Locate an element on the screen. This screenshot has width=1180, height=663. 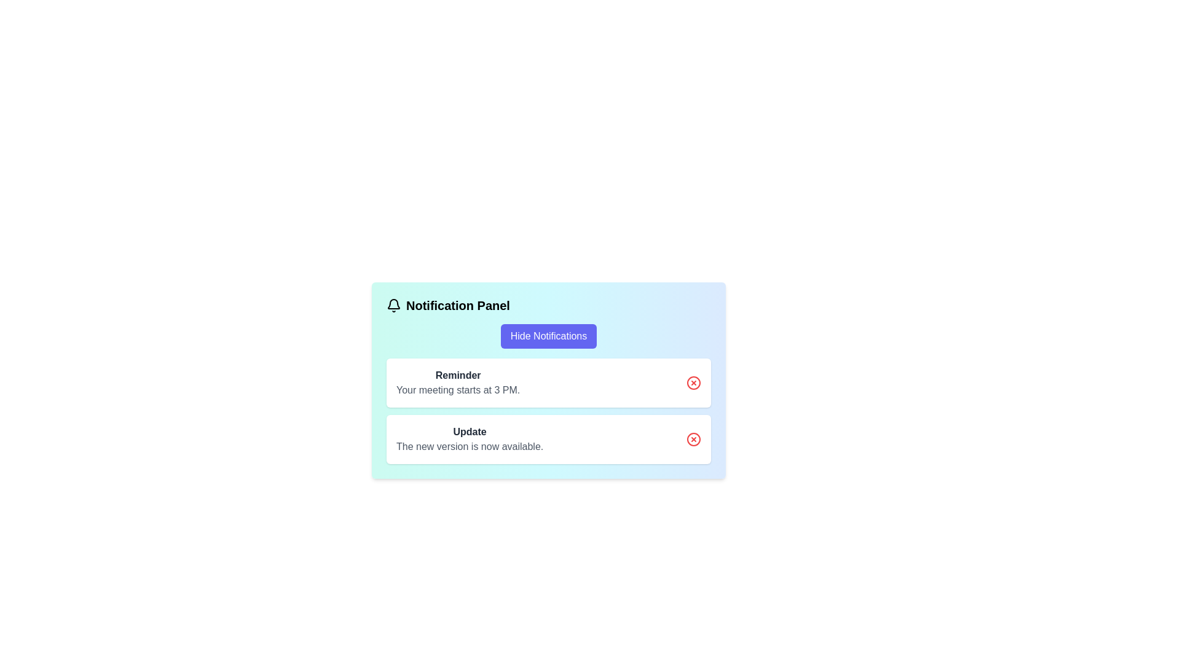
the first notification card displayed in the notification panel, which includes a reminder notification and a dismiss button is located at coordinates (548, 380).